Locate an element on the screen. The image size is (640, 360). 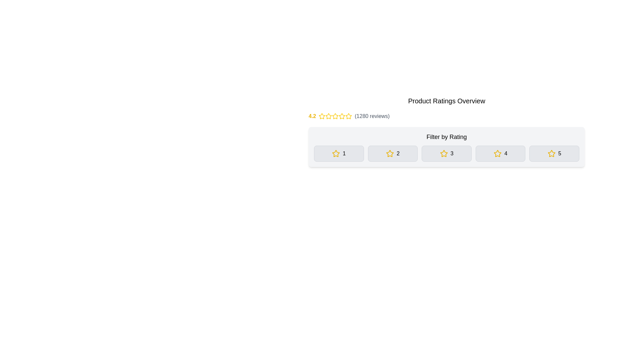
the text label displaying the total number of reviews associated with the product, located to the right of the star rating visualization is located at coordinates (372, 116).